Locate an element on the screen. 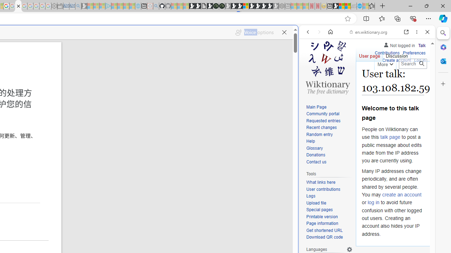 This screenshot has height=253, width=451. 'Main Page' is located at coordinates (329, 107).